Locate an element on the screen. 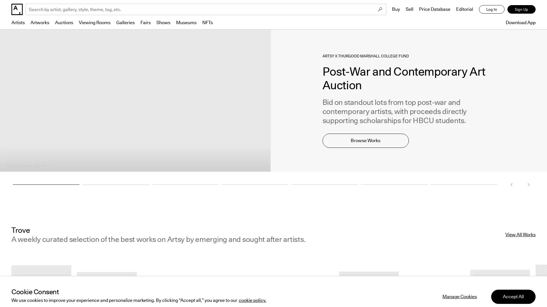  Download App is located at coordinates (519, 22).